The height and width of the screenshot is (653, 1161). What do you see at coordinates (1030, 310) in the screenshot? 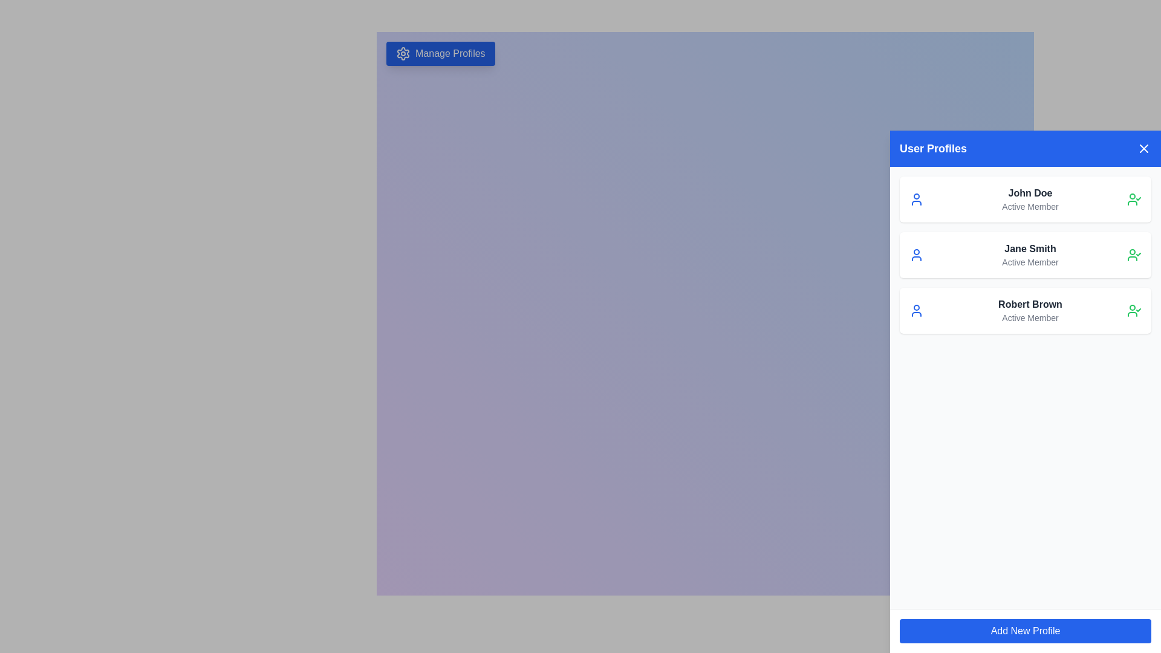
I see `the Text component displaying 'Robert Brown' and 'Active Member', which is the third entry in the user profiles list, located in the right panel of the interface` at bounding box center [1030, 310].